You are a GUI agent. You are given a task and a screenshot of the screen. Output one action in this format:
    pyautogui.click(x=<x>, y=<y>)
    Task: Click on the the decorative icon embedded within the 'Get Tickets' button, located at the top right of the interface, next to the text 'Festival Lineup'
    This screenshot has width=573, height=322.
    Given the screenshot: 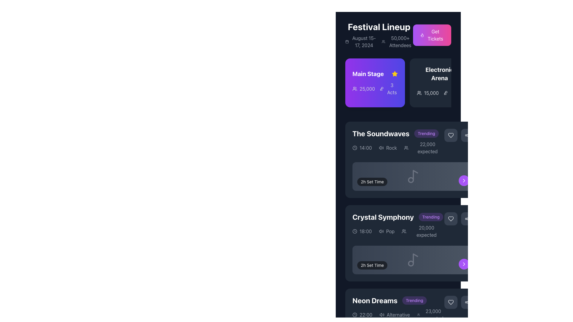 What is the action you would take?
    pyautogui.click(x=422, y=35)
    